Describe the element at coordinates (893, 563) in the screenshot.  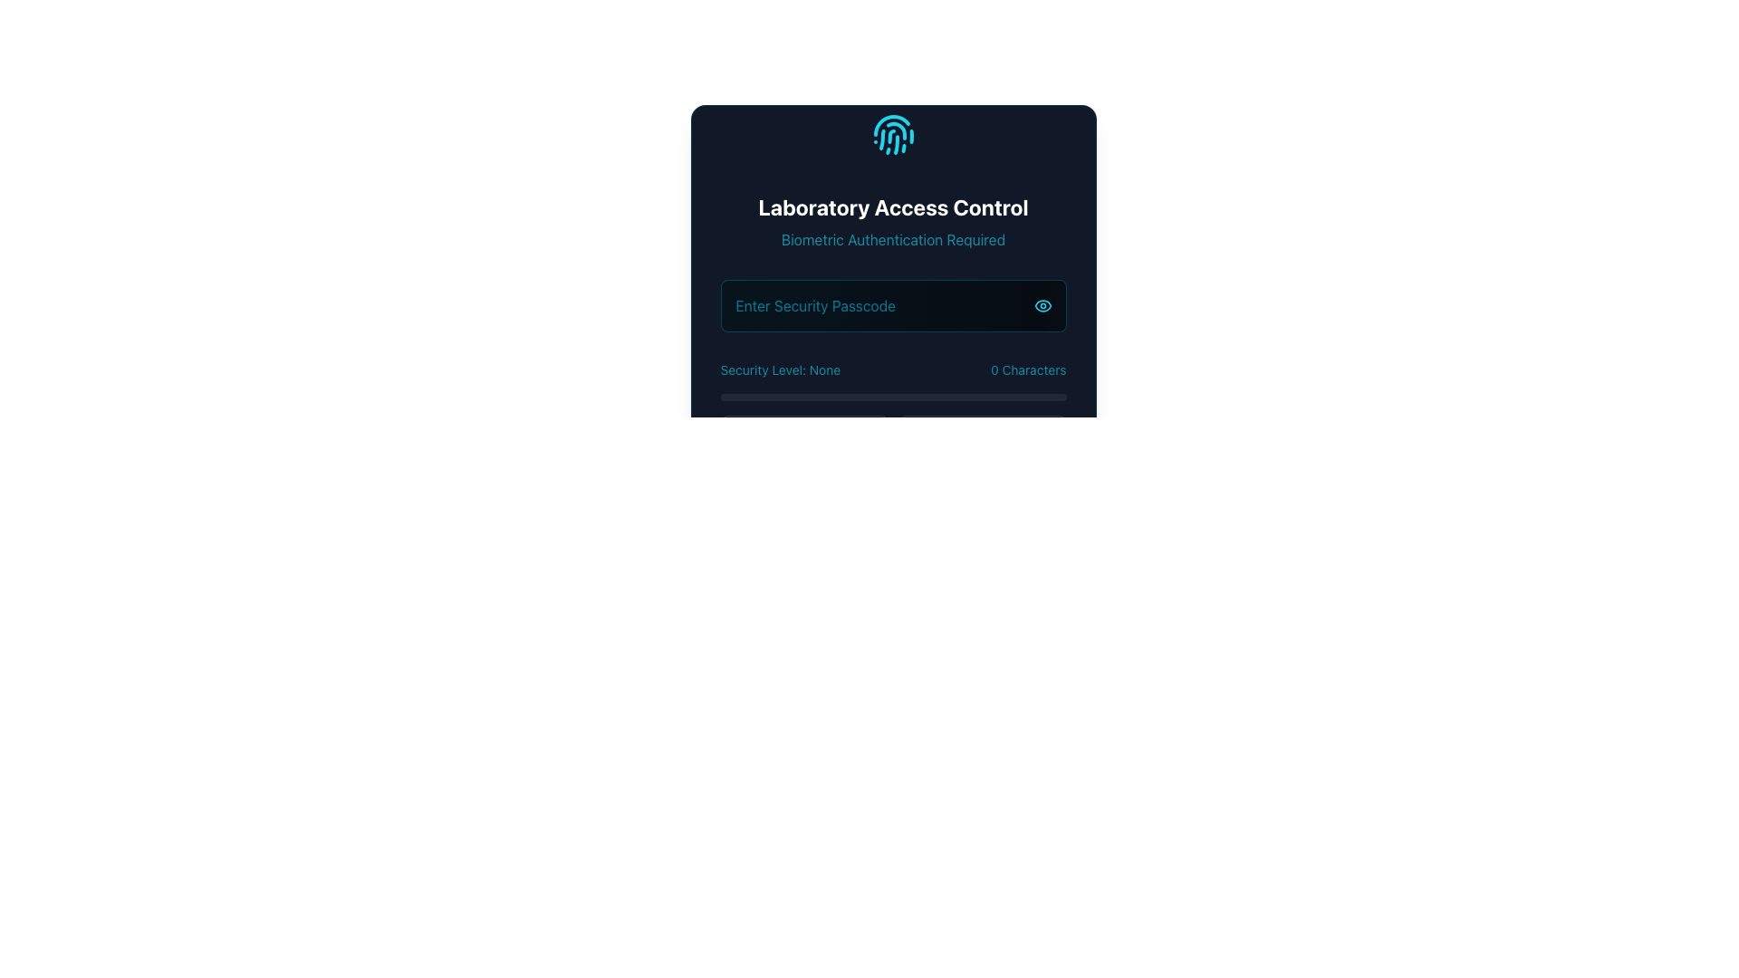
I see `the horizontal progress bar located centrally at the bottom of the 'Laboratory Access Control' card, which has a gray background and a colored segment indicating progress` at that location.